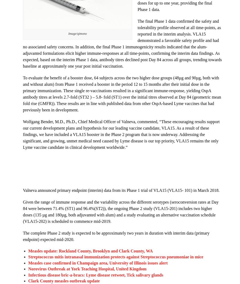 The image size is (240, 284). I want to click on 'Norovirus Outbreak at York Teaching Hospital, United Kingdom', so click(87, 269).